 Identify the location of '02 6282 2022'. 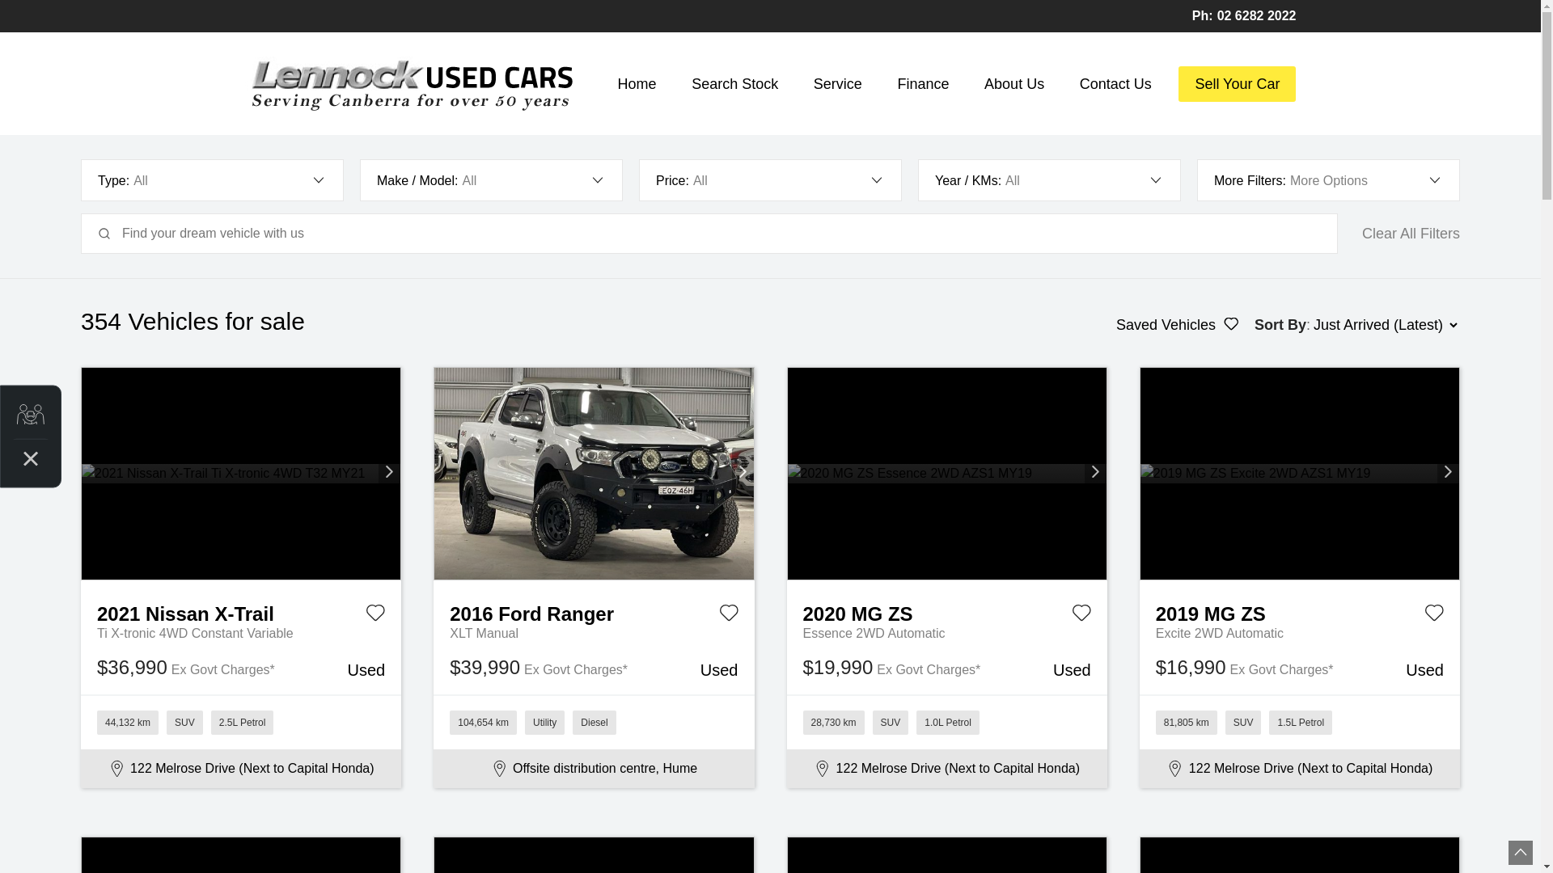
(1256, 16).